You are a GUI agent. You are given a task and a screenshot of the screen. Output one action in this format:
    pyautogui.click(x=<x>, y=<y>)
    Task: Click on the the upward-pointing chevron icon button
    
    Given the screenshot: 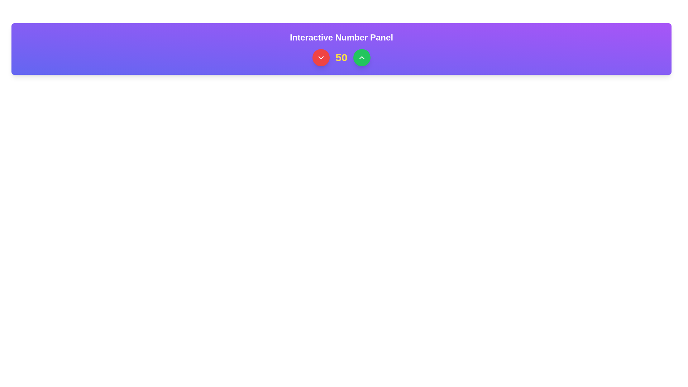 What is the action you would take?
    pyautogui.click(x=362, y=57)
    